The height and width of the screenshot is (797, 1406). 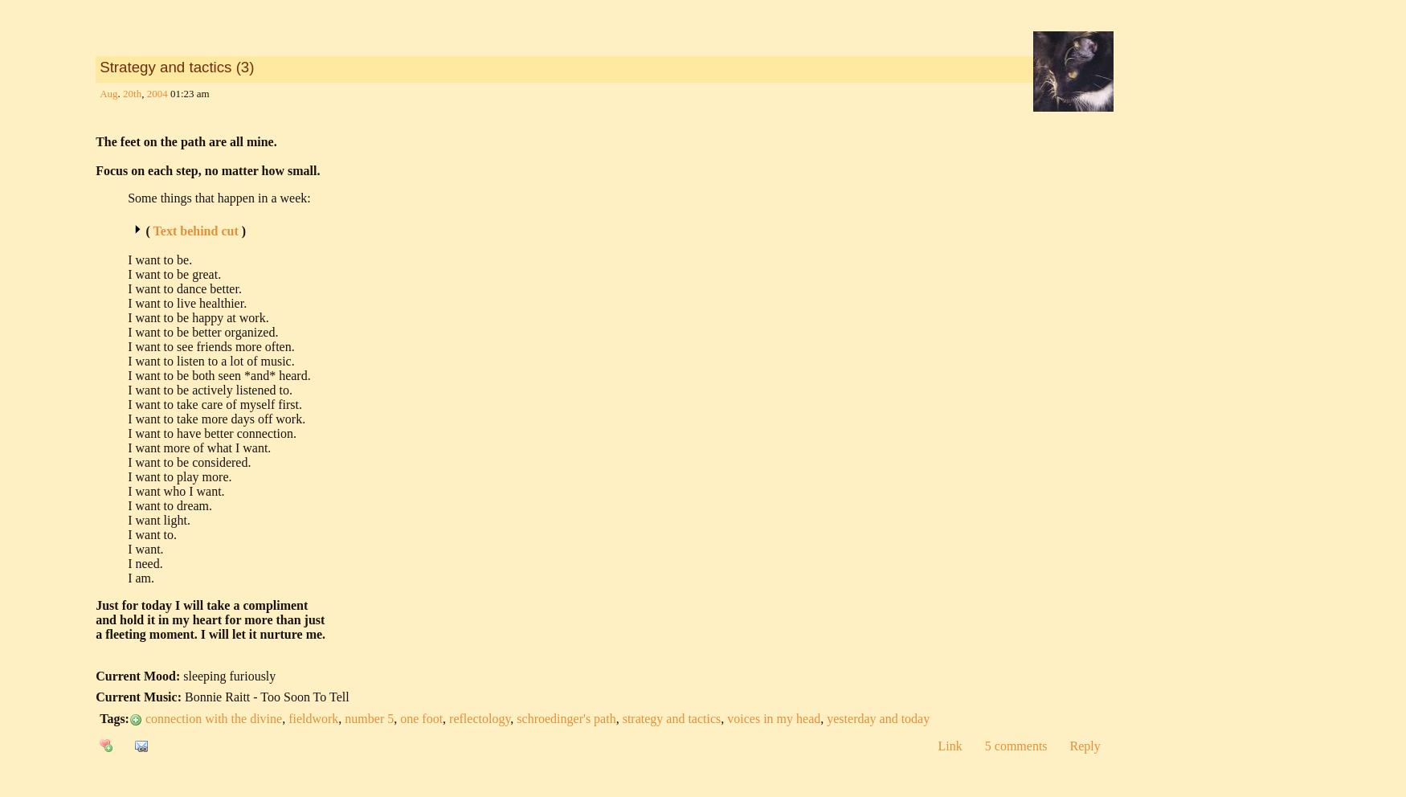 What do you see at coordinates (1084, 745) in the screenshot?
I see `'Reply'` at bounding box center [1084, 745].